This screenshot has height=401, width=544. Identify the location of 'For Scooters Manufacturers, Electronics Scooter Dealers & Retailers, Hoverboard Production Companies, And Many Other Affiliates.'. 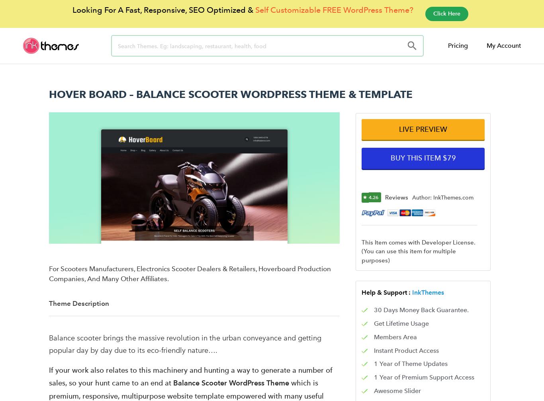
(190, 273).